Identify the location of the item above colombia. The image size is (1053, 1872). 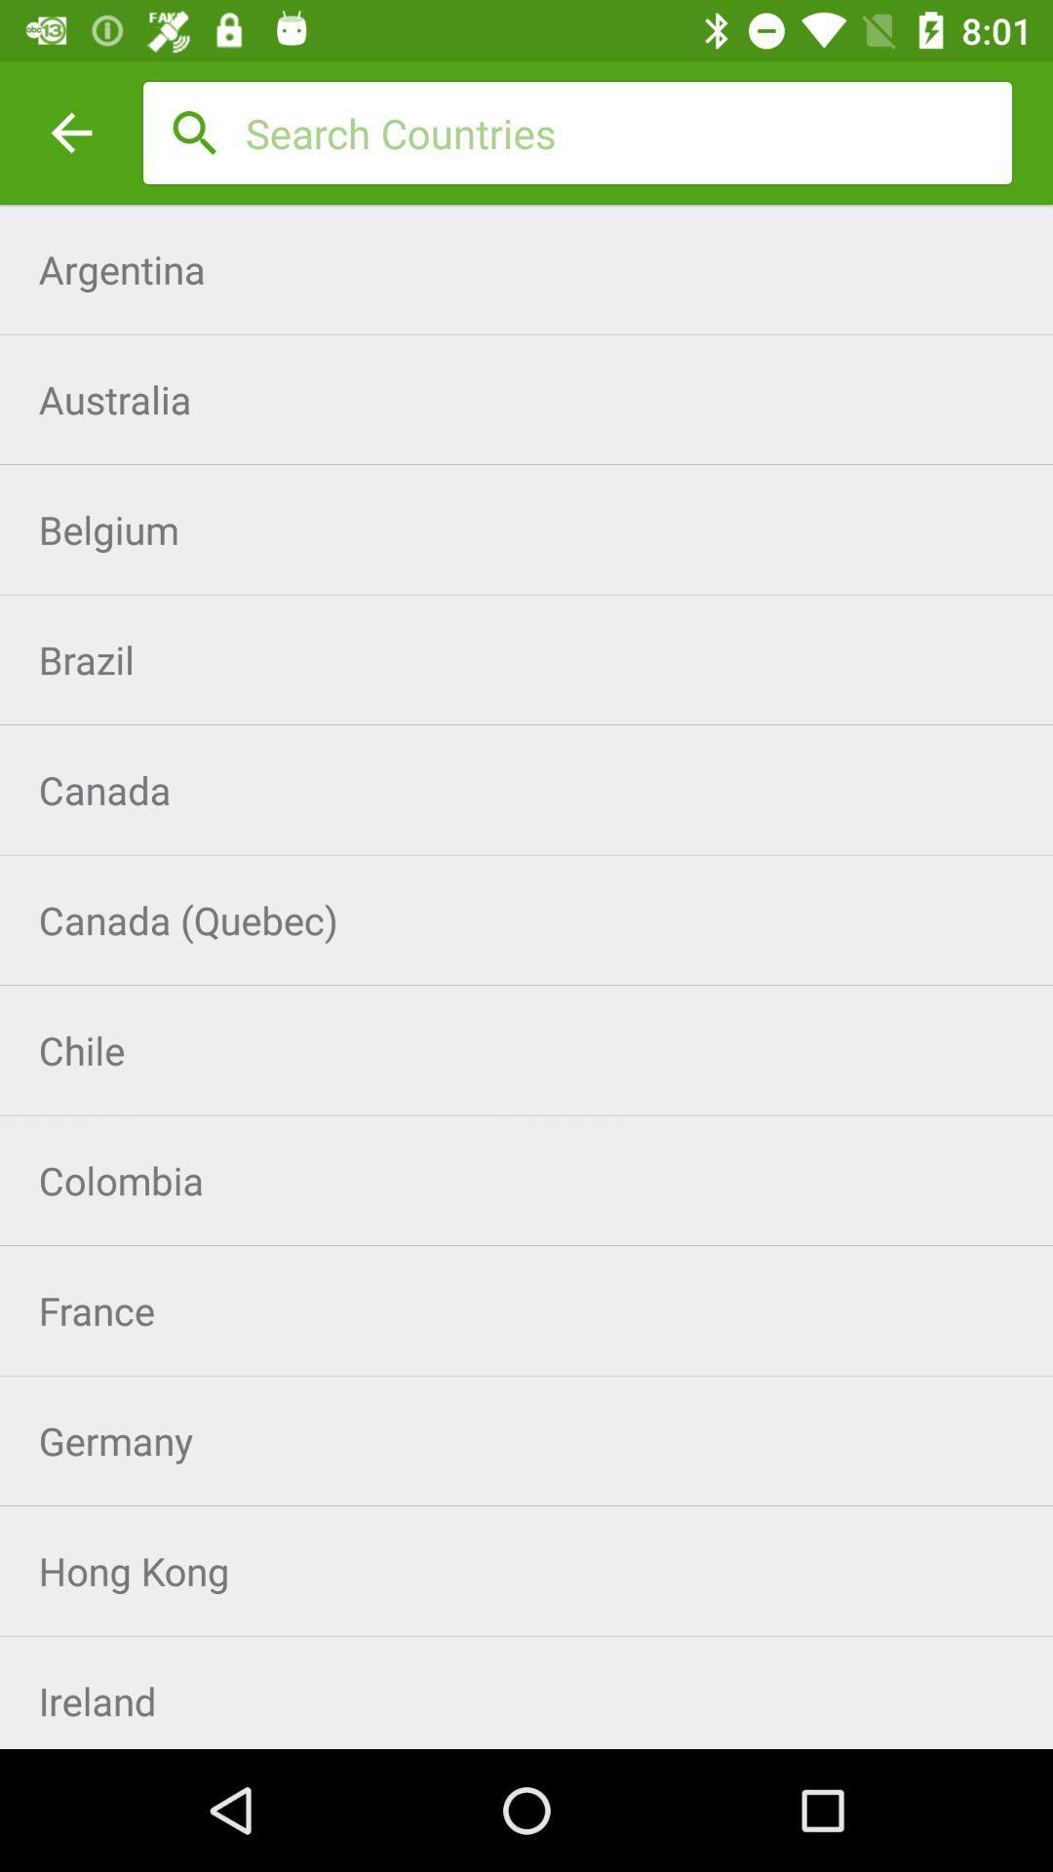
(526, 1049).